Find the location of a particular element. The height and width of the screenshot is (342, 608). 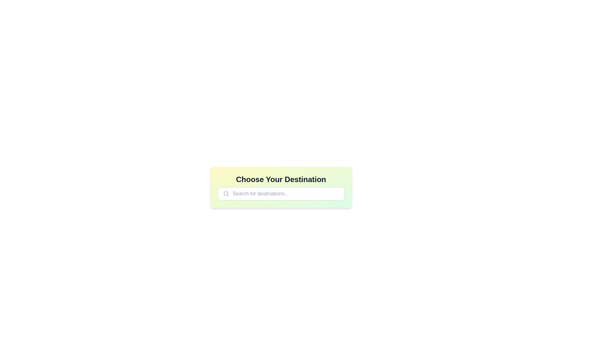

the decorative circle inside the magnifying glass symbol of the search icon, which is located to the left of the text input field is located at coordinates (225, 193).